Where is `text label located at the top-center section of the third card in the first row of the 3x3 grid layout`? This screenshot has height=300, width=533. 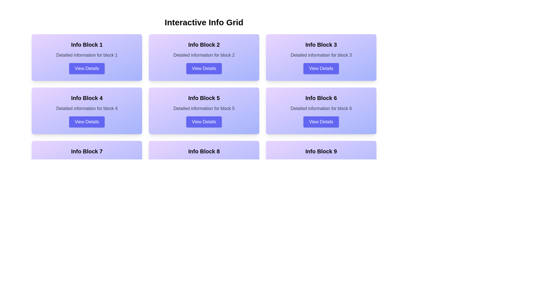
text label located at the top-center section of the third card in the first row of the 3x3 grid layout is located at coordinates (321, 44).